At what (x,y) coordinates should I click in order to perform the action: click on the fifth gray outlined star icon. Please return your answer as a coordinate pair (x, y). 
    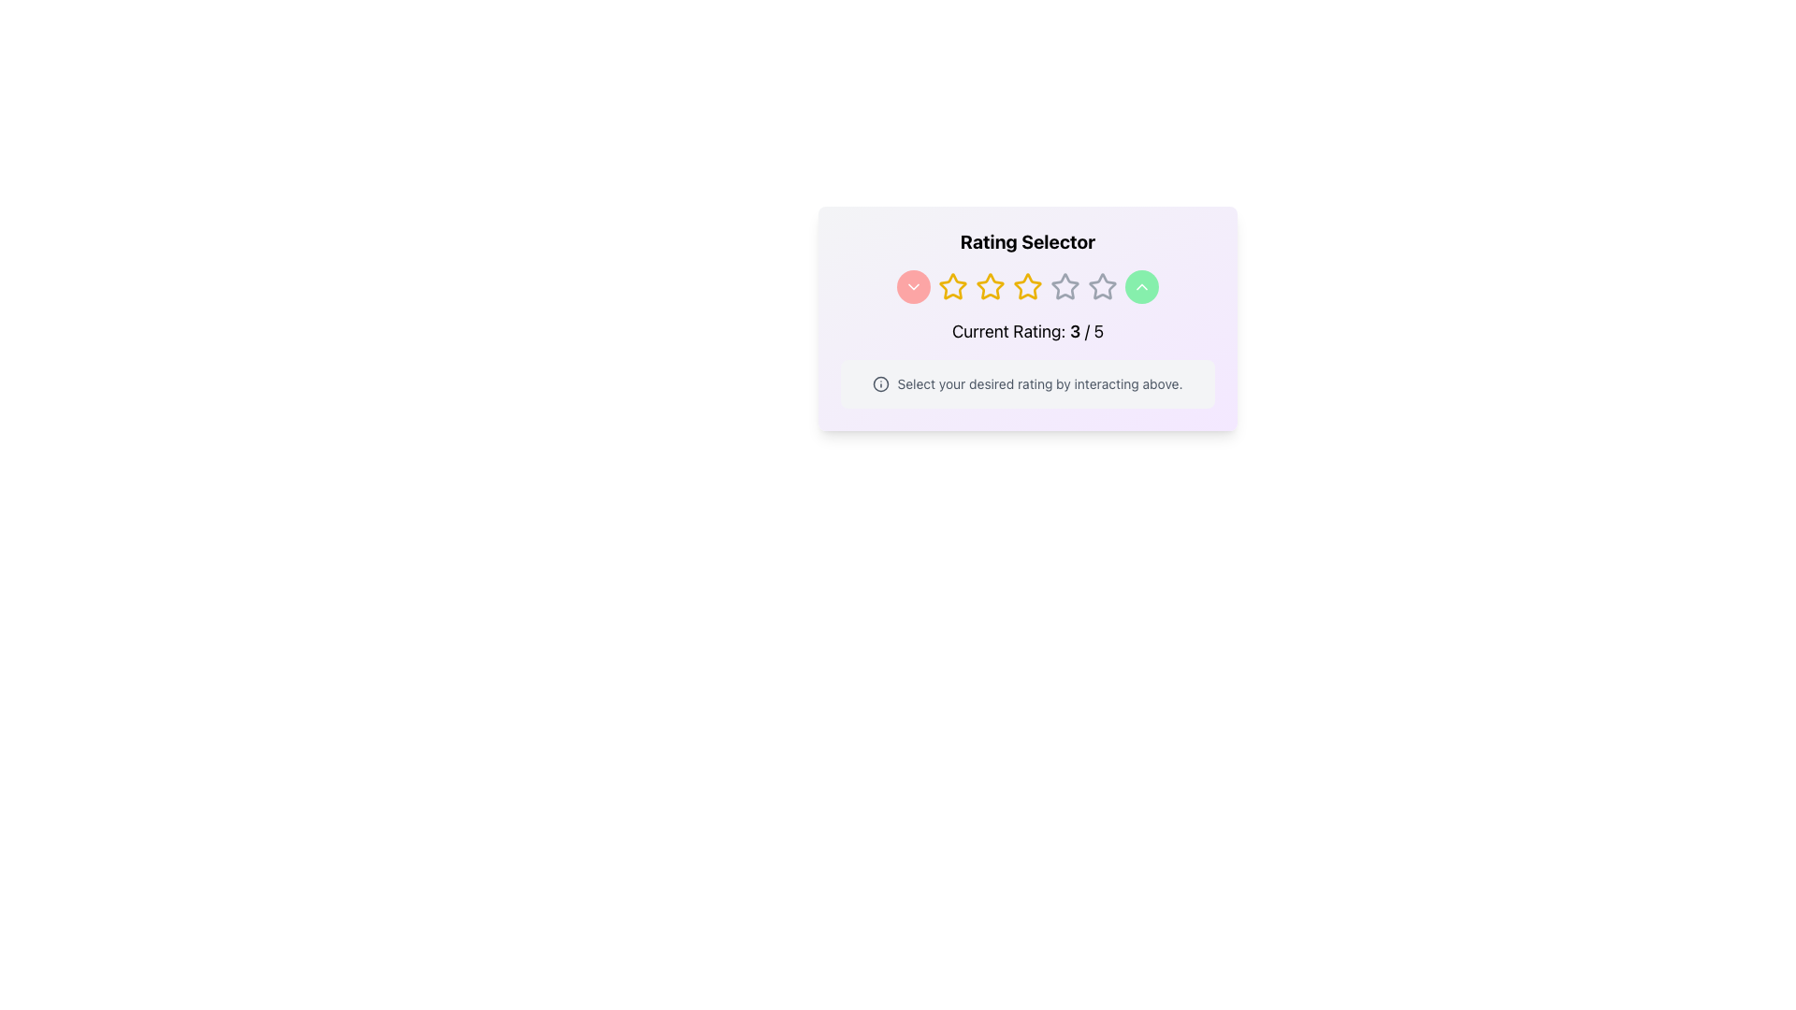
    Looking at the image, I should click on (1103, 287).